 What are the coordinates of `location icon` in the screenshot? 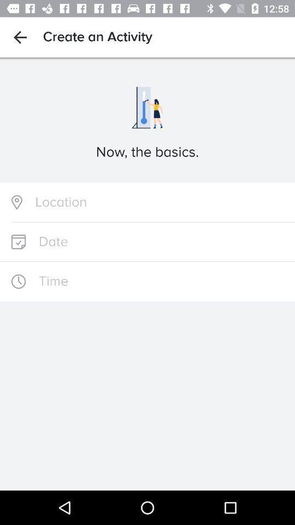 It's located at (147, 202).